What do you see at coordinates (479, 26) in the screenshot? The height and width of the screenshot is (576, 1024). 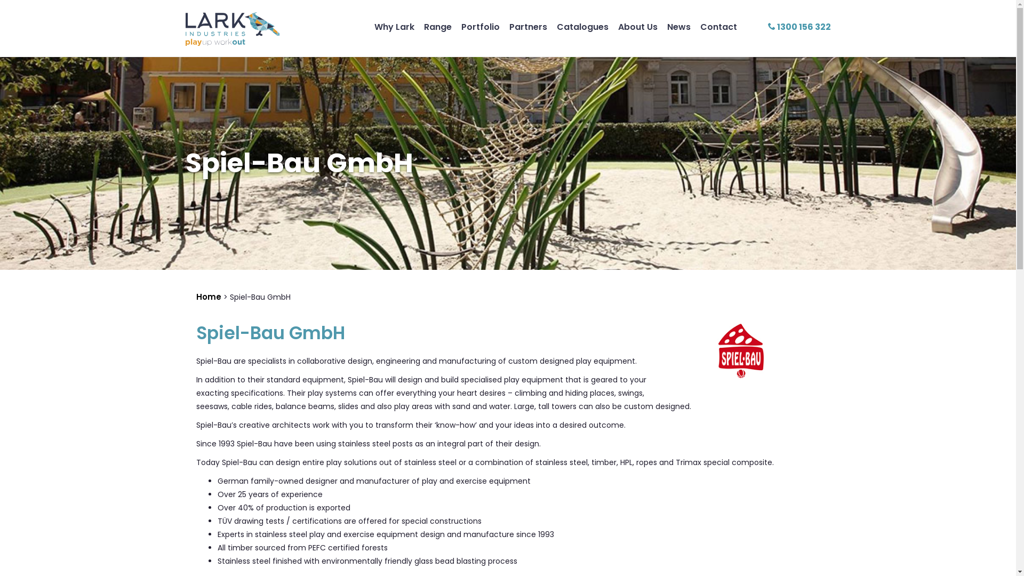 I see `'Portfolio'` at bounding box center [479, 26].